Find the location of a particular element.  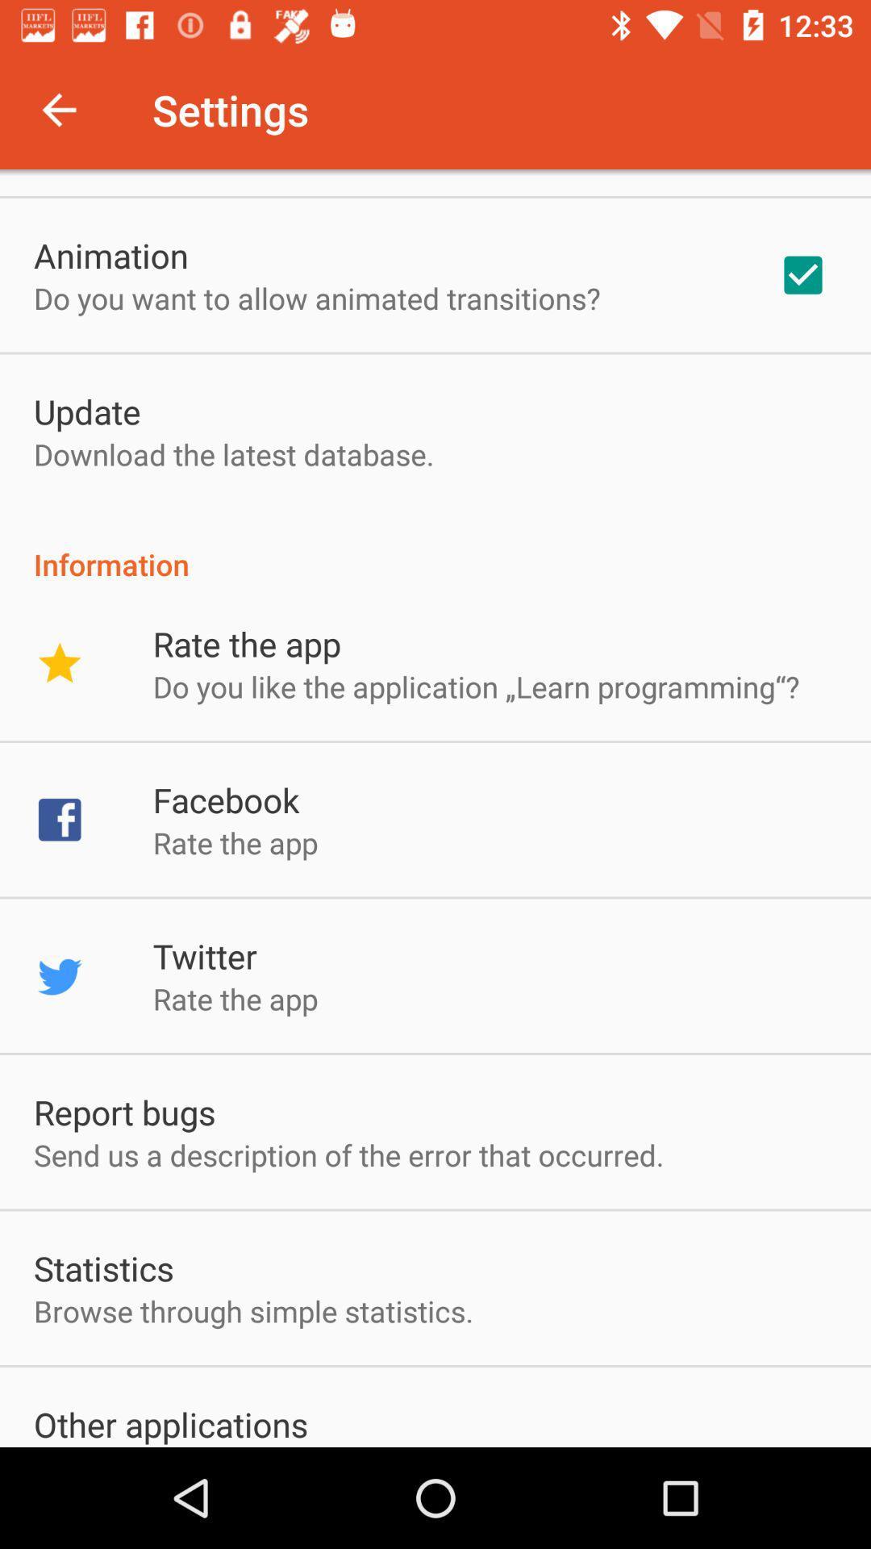

send us a item is located at coordinates (348, 1154).